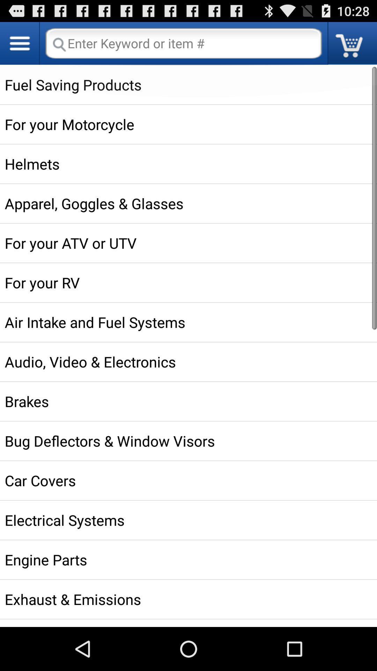  Describe the element at coordinates (20, 46) in the screenshot. I see `the menu icon` at that location.